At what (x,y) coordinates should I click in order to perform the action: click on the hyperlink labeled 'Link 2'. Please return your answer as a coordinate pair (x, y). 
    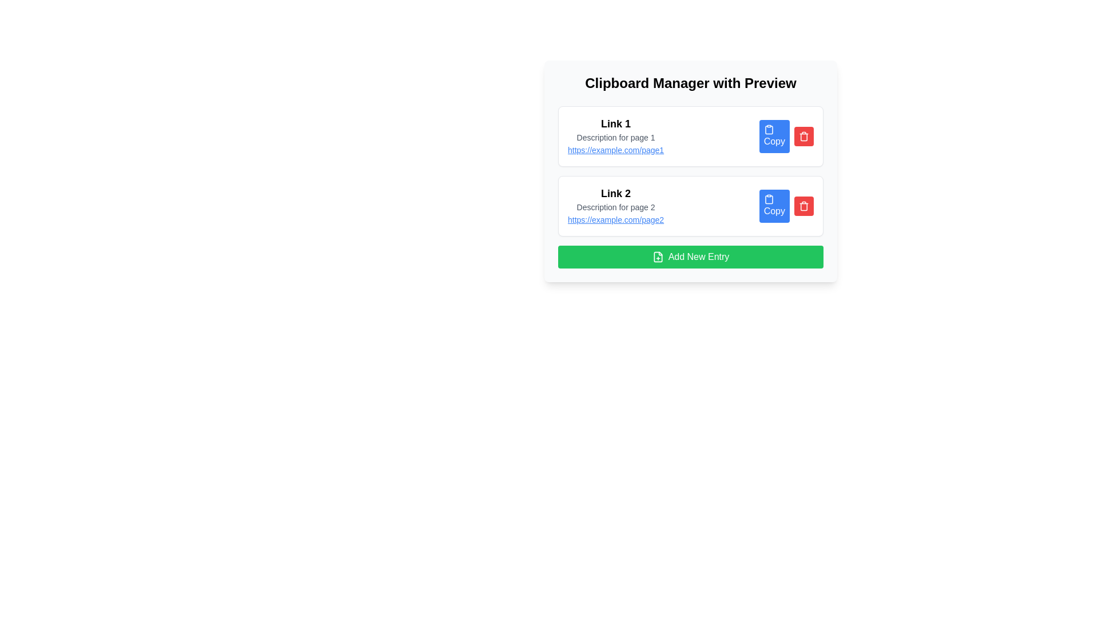
    Looking at the image, I should click on (615, 220).